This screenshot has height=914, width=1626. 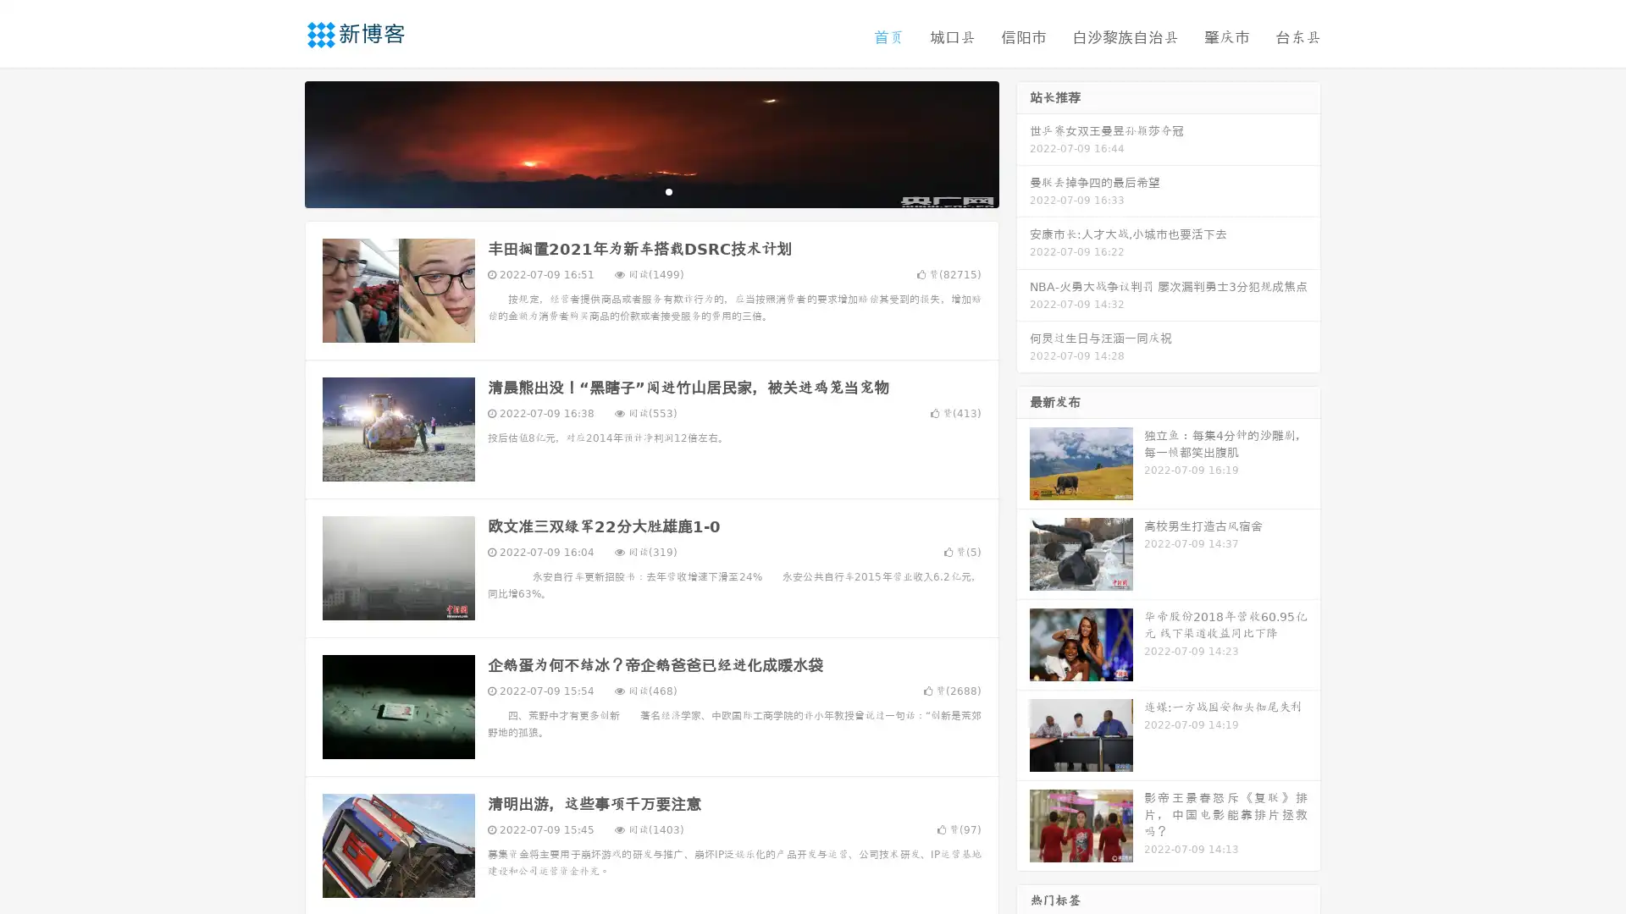 I want to click on Go to slide 3, so click(x=668, y=190).